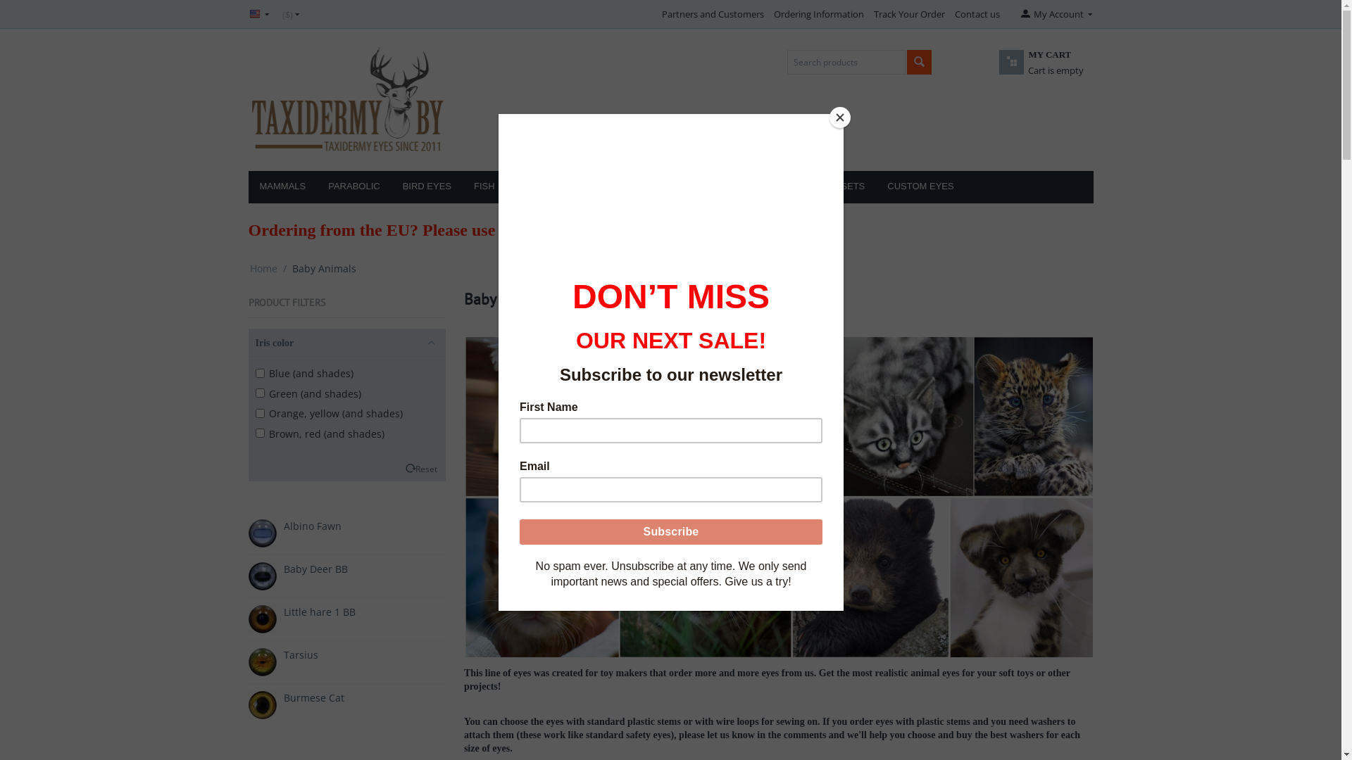 The image size is (1352, 760). I want to click on 'Partners and Customers', so click(713, 13).